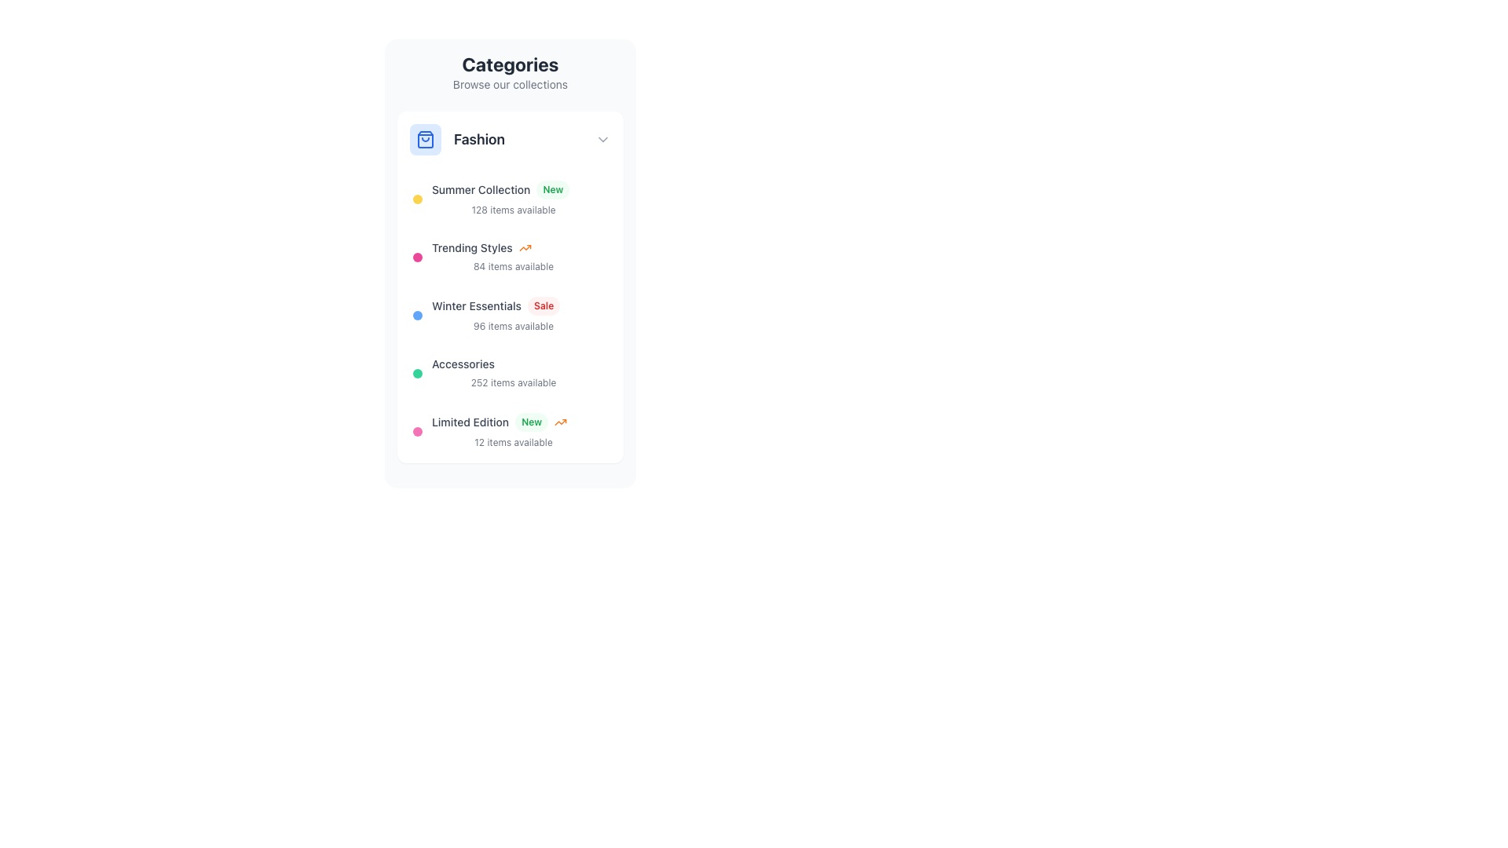  Describe the element at coordinates (513, 442) in the screenshot. I see `the text label displaying '12 items available', which is located at the bottom of the 'Limited Edition' group and changes to blue on hover` at that location.